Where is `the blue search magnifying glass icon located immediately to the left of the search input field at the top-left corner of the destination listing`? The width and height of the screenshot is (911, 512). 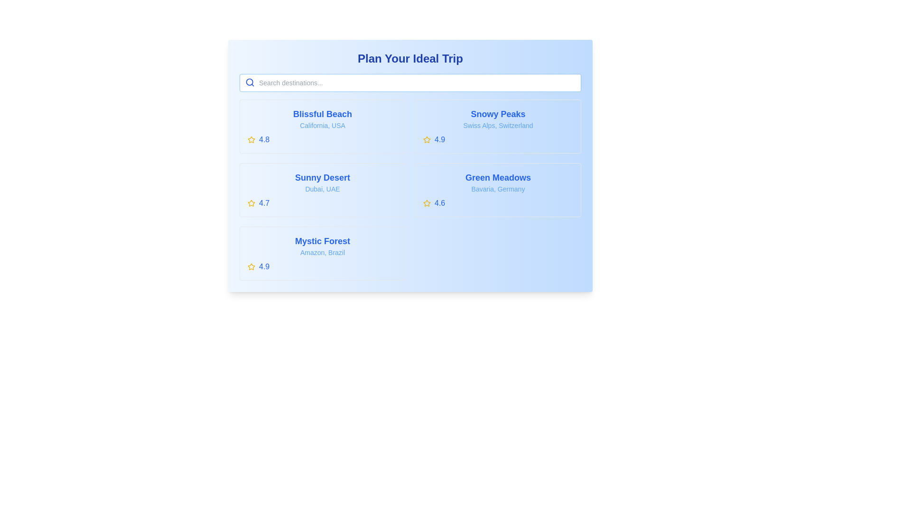 the blue search magnifying glass icon located immediately to the left of the search input field at the top-left corner of the destination listing is located at coordinates (250, 82).